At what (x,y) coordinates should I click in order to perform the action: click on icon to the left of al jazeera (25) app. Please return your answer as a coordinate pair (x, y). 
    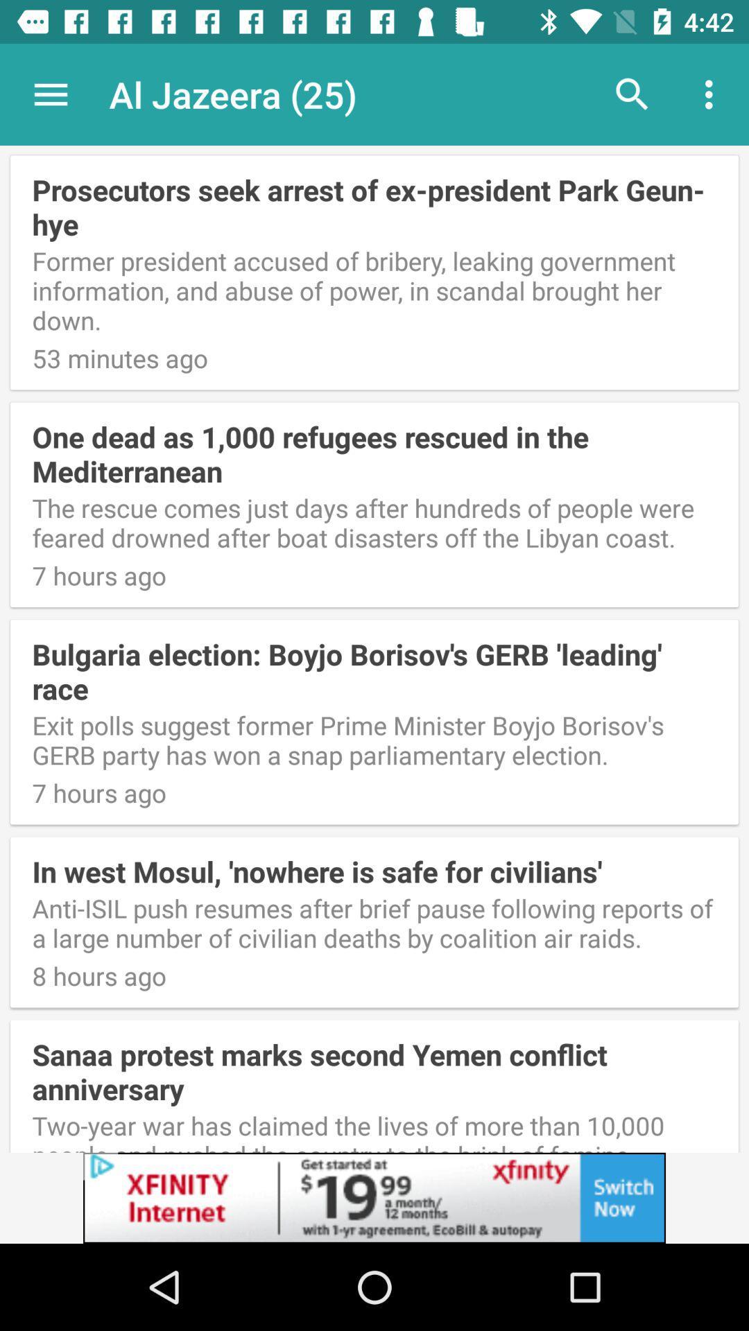
    Looking at the image, I should click on (50, 94).